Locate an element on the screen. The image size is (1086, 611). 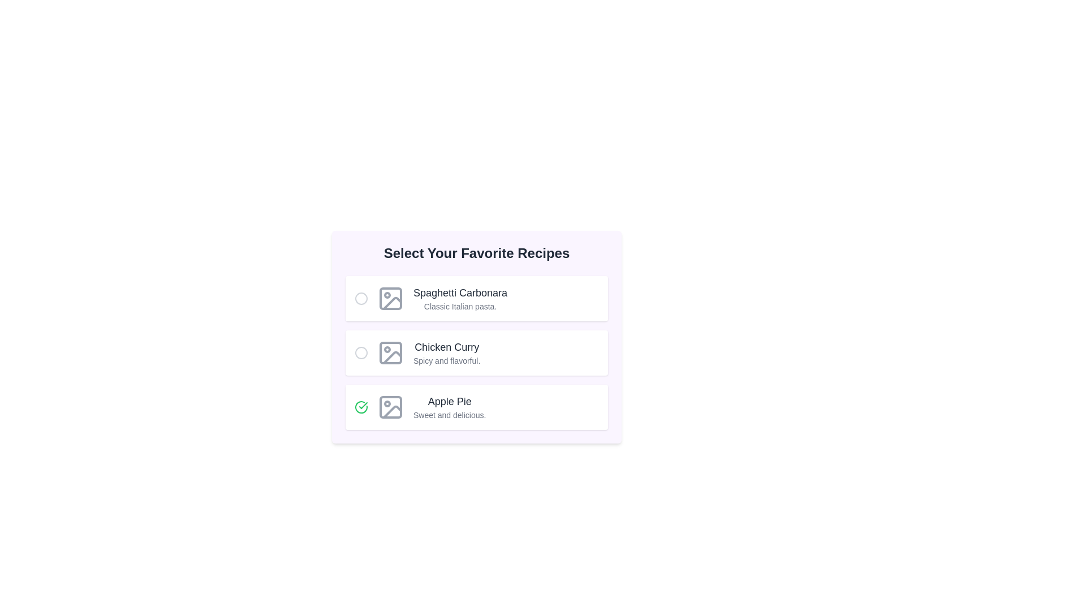
the recipe identified by its name Apple Pie is located at coordinates (360, 407).